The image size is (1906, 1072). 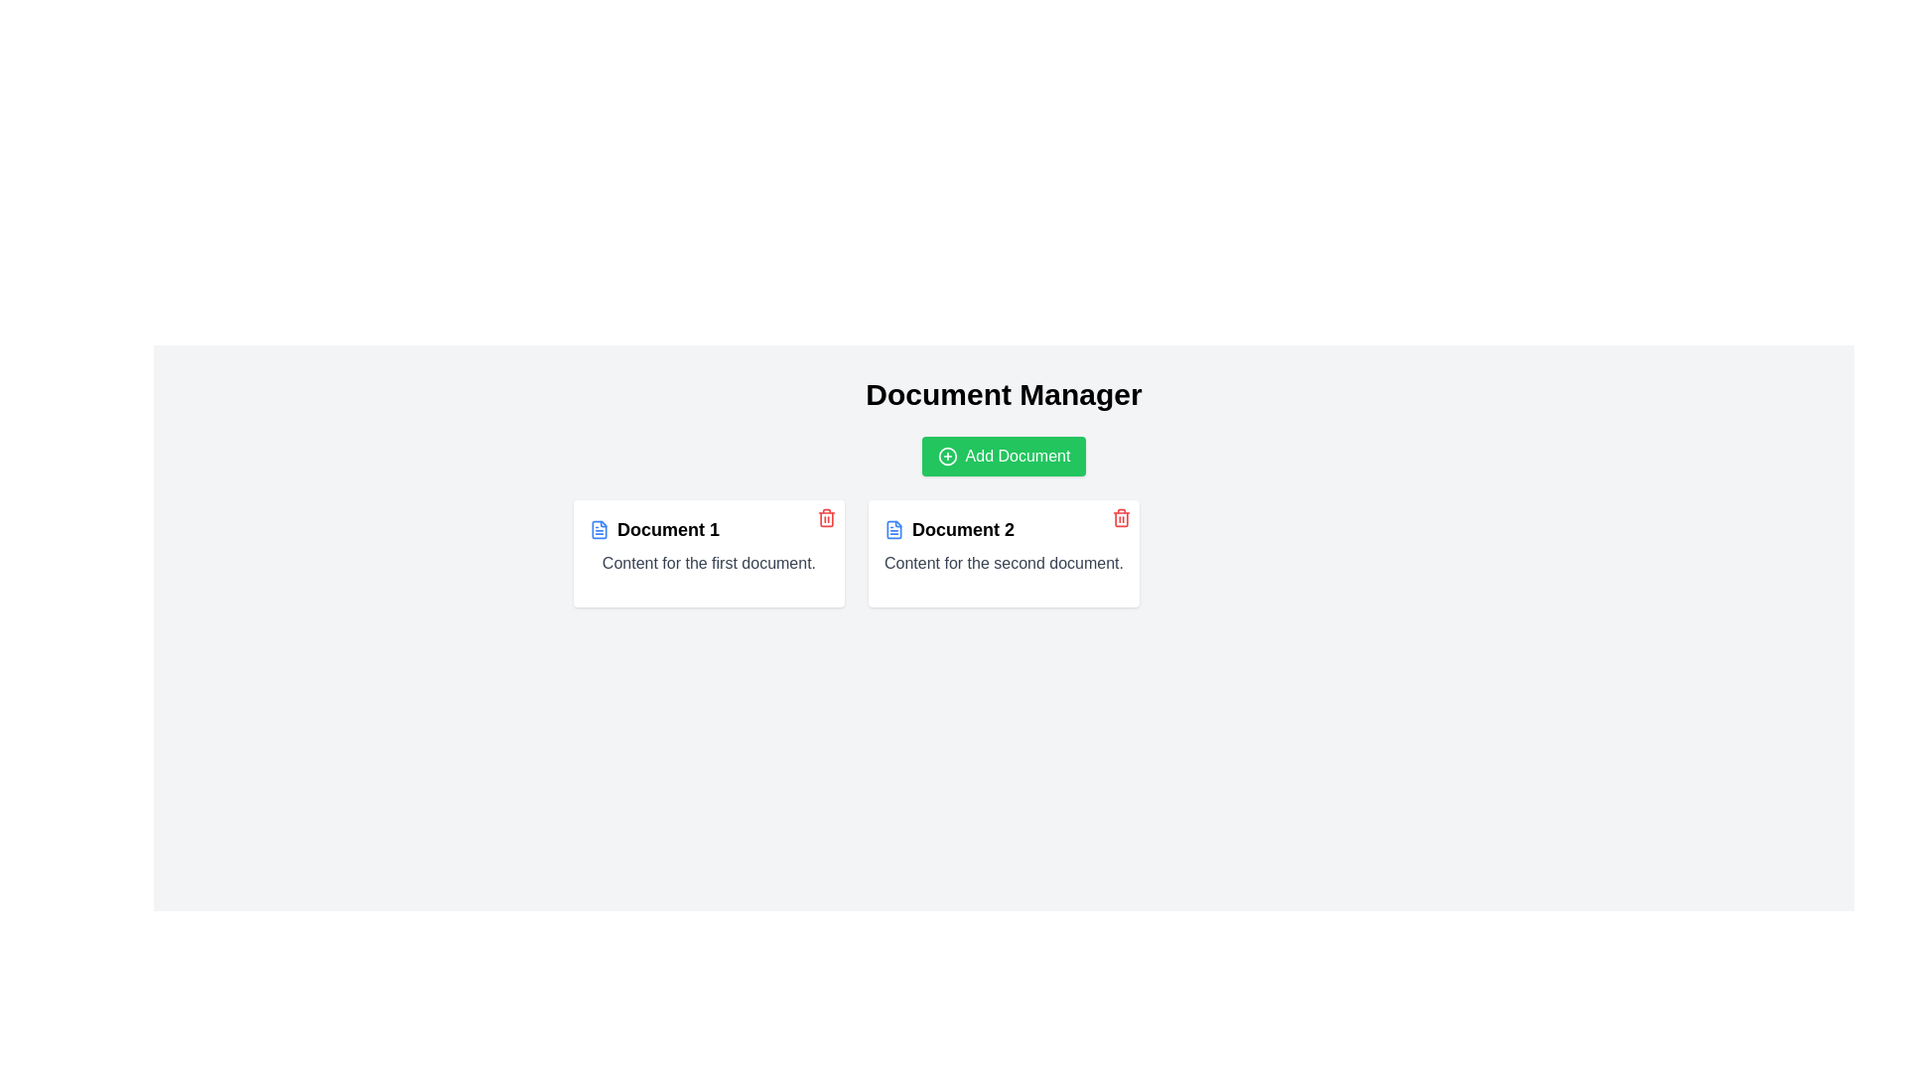 What do you see at coordinates (668, 528) in the screenshot?
I see `the text label reading 'Document 1'` at bounding box center [668, 528].